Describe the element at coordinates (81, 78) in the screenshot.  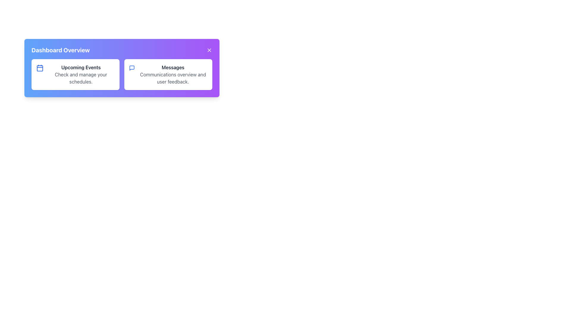
I see `the text label displaying 'Check and manage your schedules.' which is located below the 'Upcoming Events' heading in the leftmost box of the 'Dashboard Overview.'` at that location.